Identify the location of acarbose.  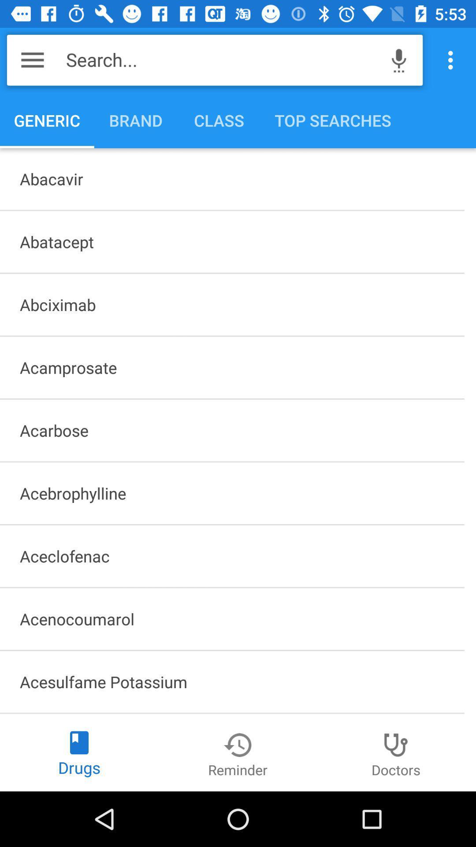
(231, 430).